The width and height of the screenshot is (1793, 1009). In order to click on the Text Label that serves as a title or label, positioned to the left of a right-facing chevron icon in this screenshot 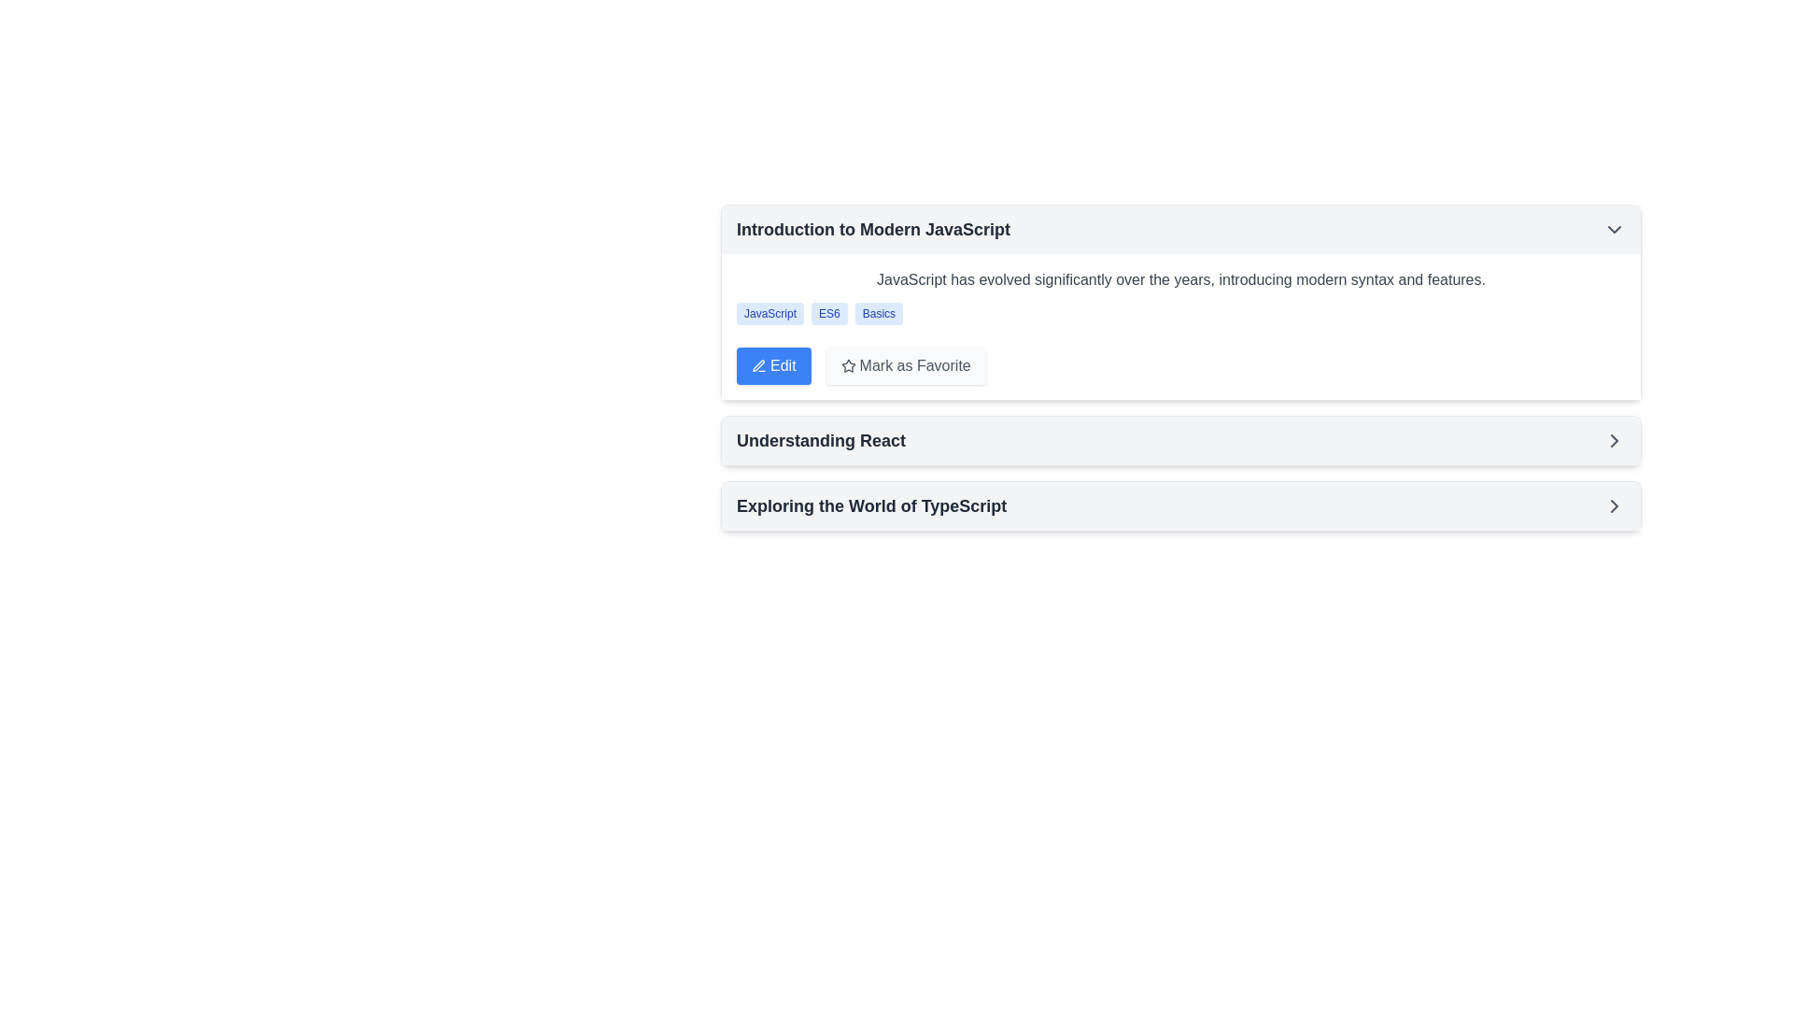, I will do `click(821, 440)`.